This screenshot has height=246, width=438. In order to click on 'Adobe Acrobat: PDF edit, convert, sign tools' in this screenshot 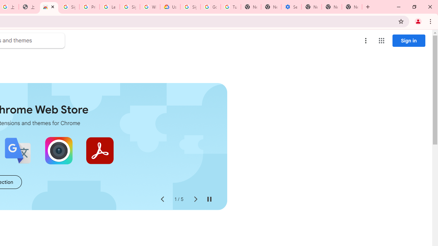, I will do `click(99, 150)`.